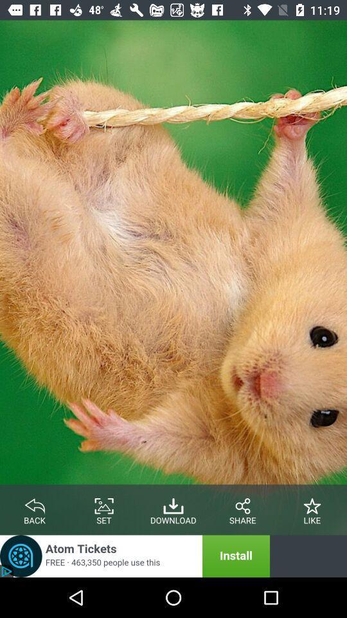 The height and width of the screenshot is (618, 347). I want to click on advertisement banner, so click(134, 556).